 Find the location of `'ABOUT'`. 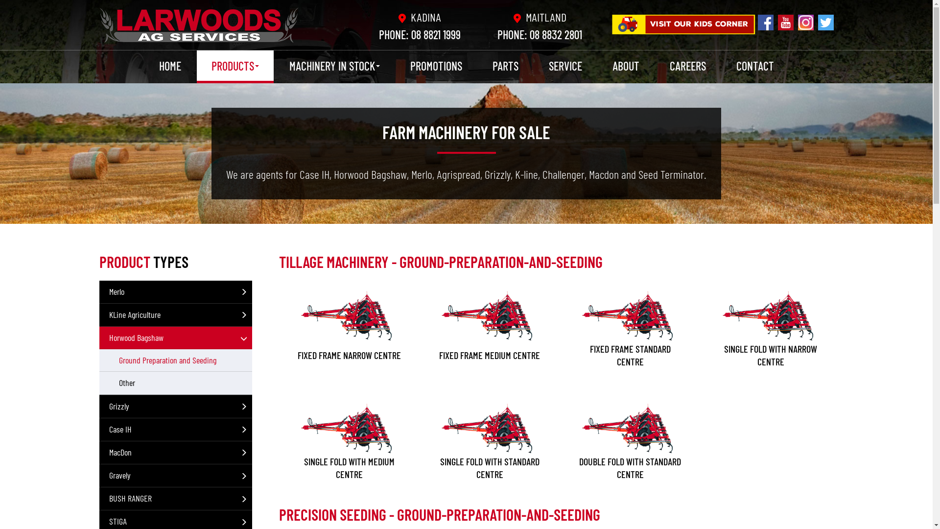

'ABOUT' is located at coordinates (625, 66).